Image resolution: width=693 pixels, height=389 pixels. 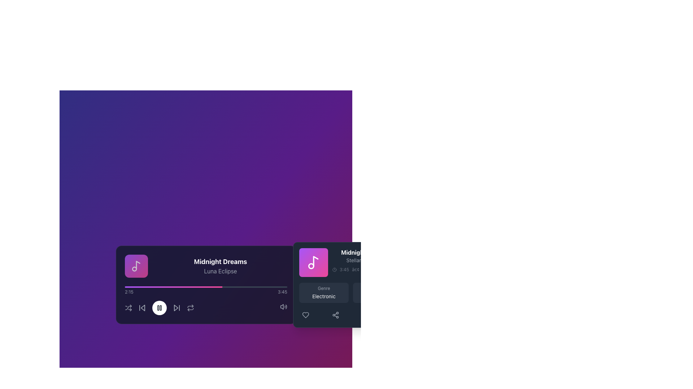 What do you see at coordinates (260, 287) in the screenshot?
I see `playback progress` at bounding box center [260, 287].